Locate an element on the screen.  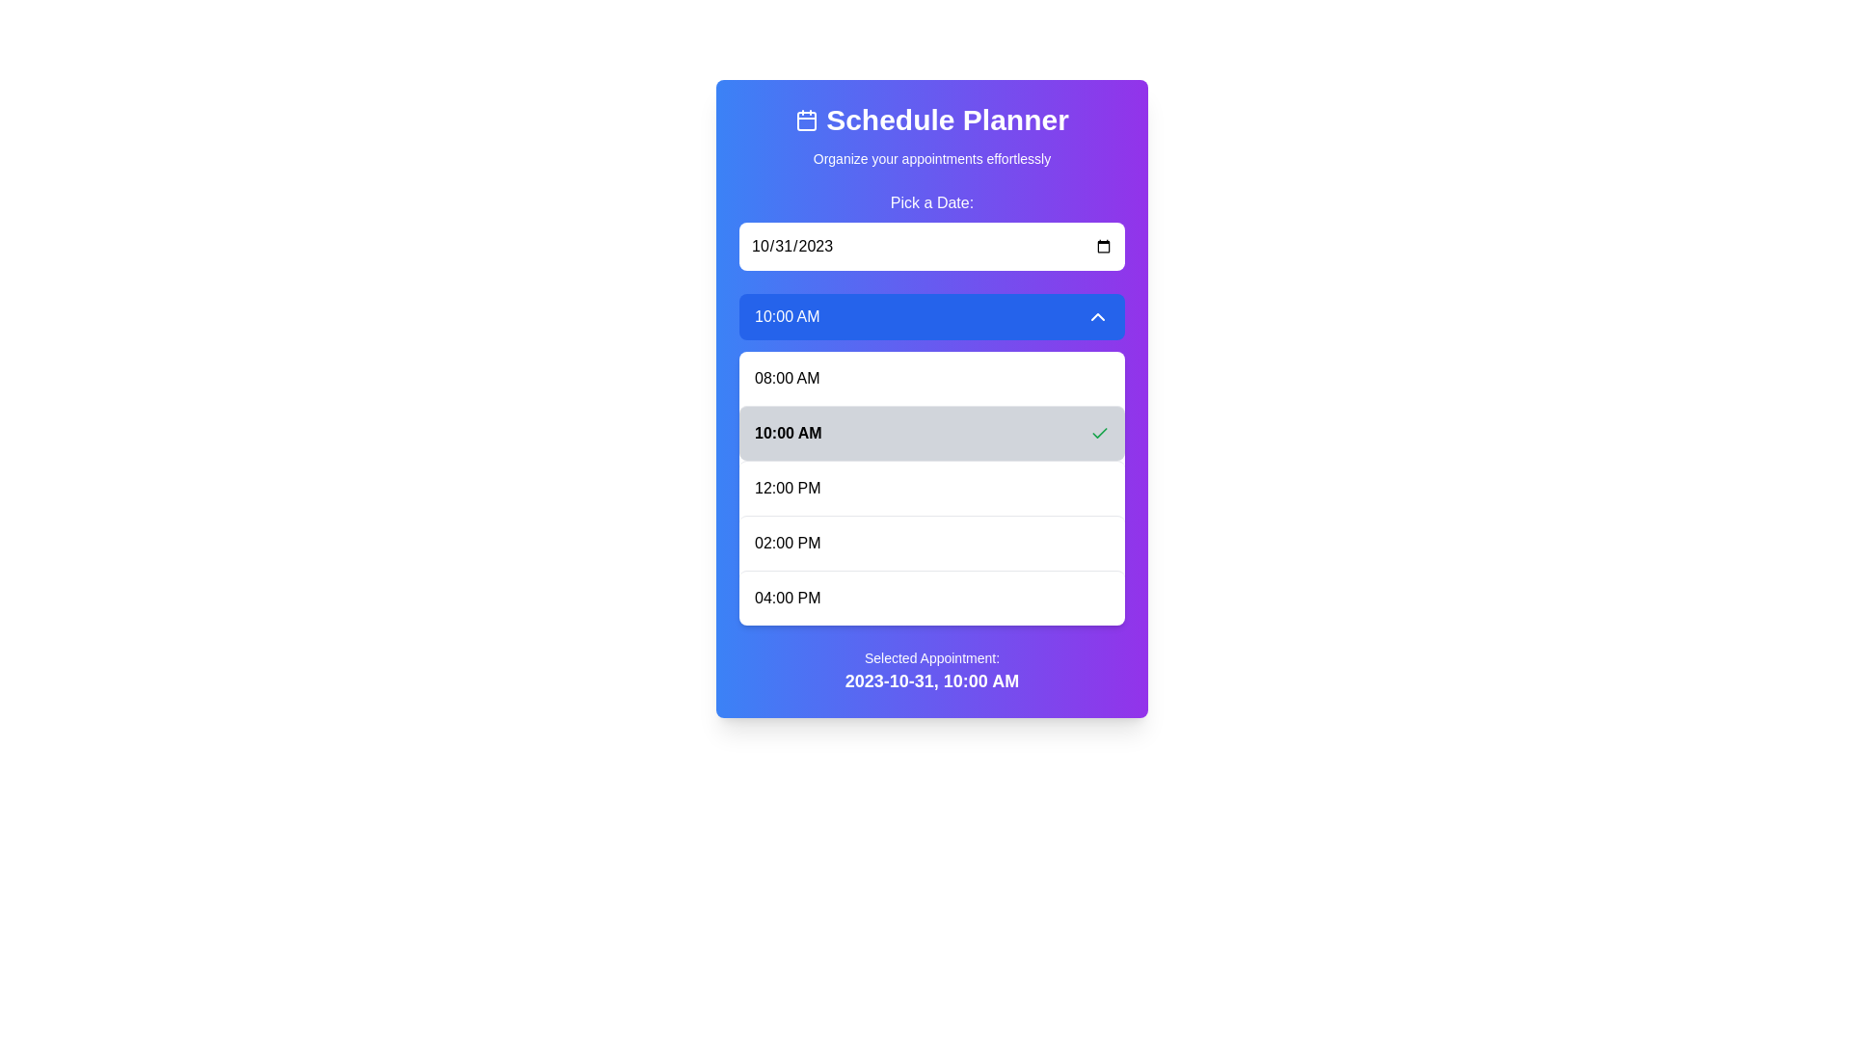
the text label displaying '2023-10-31, 10:00 AM' with a gradient background in the 'Selected Appointment:' section is located at coordinates (931, 680).